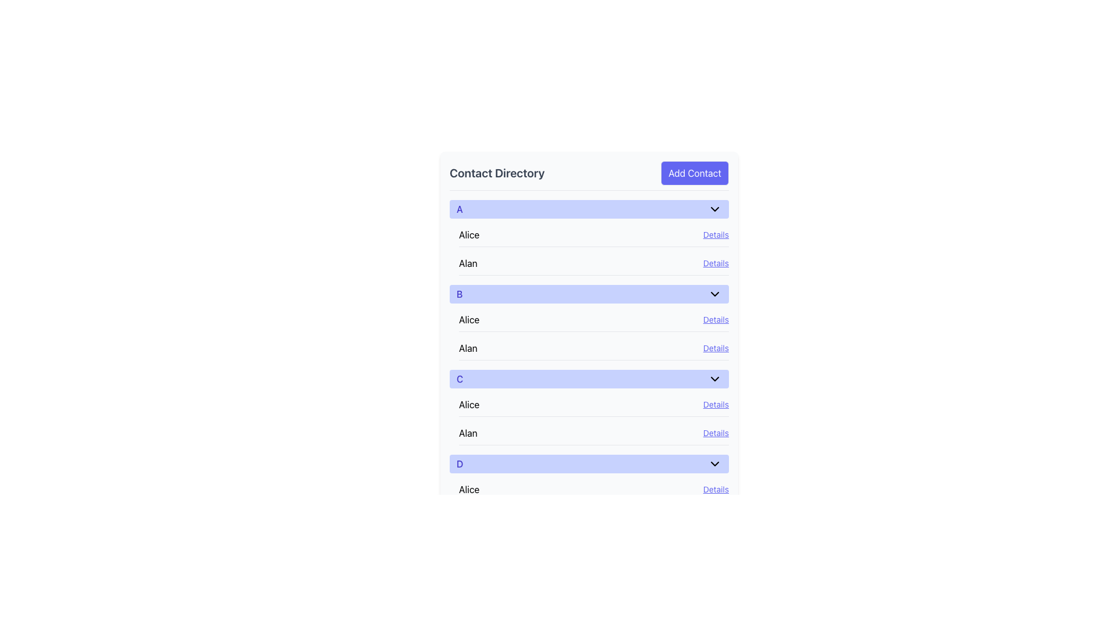 Image resolution: width=1117 pixels, height=628 pixels. Describe the element at coordinates (594, 347) in the screenshot. I see `the 'Details' link in the contact row for 'Alan'` at that location.